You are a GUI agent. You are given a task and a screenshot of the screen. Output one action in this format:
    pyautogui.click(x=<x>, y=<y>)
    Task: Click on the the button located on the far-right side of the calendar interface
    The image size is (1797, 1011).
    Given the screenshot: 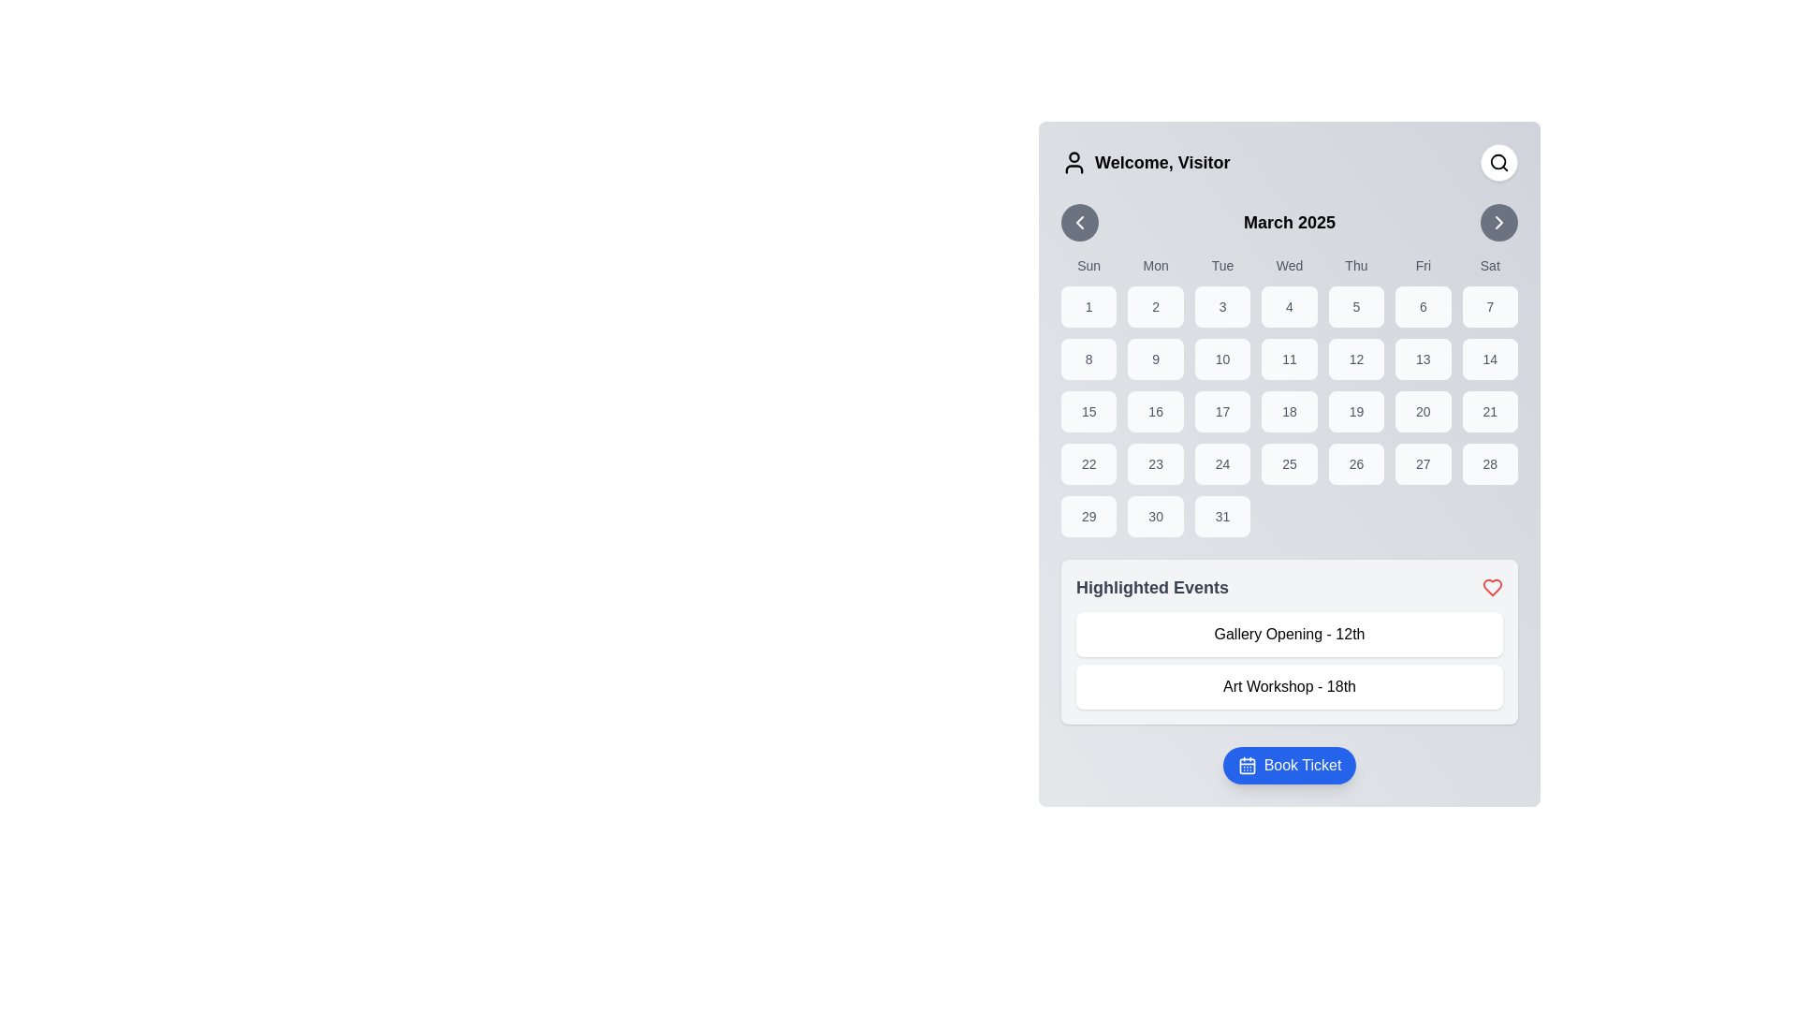 What is the action you would take?
    pyautogui.click(x=1499, y=222)
    